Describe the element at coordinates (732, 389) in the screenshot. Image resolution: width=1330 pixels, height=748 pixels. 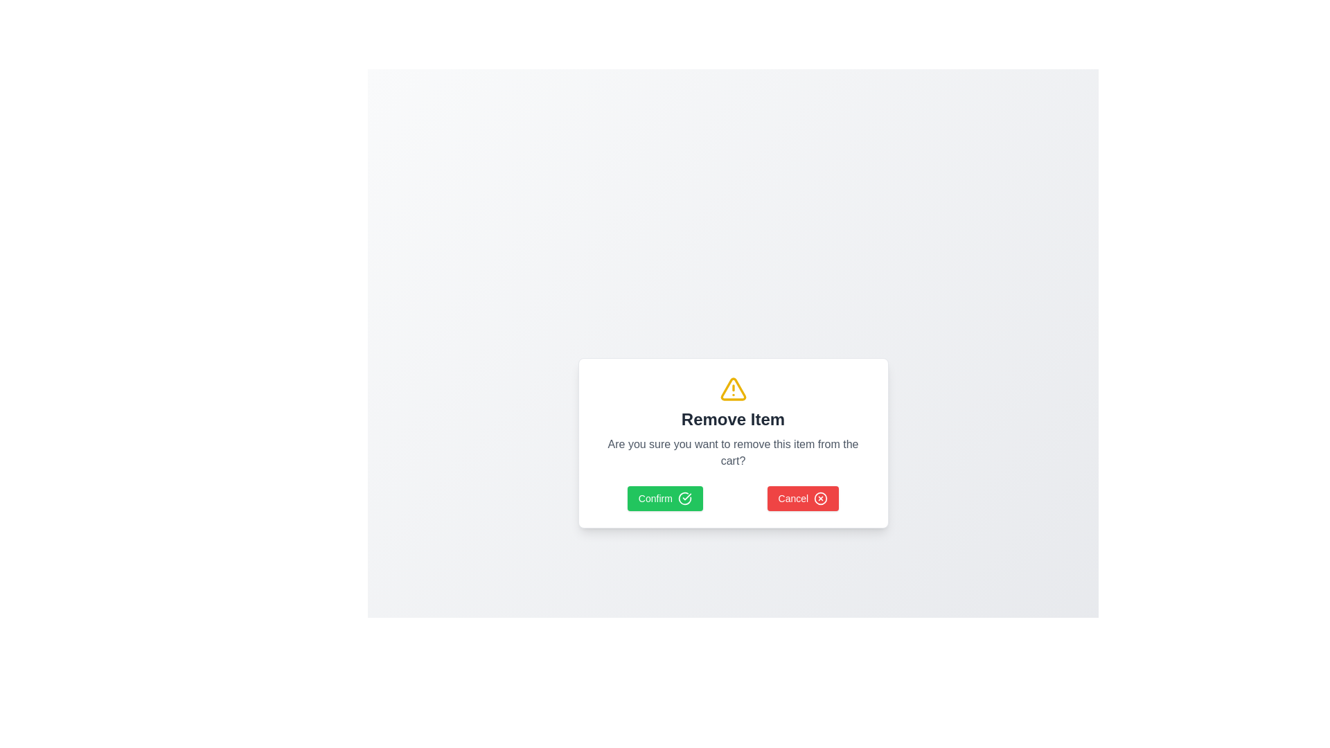
I see `the yellow triangular caution icon with a bold exclamation mark, which is located at the top of the 'Remove Item' dialog box, serving as a header warning symbol` at that location.